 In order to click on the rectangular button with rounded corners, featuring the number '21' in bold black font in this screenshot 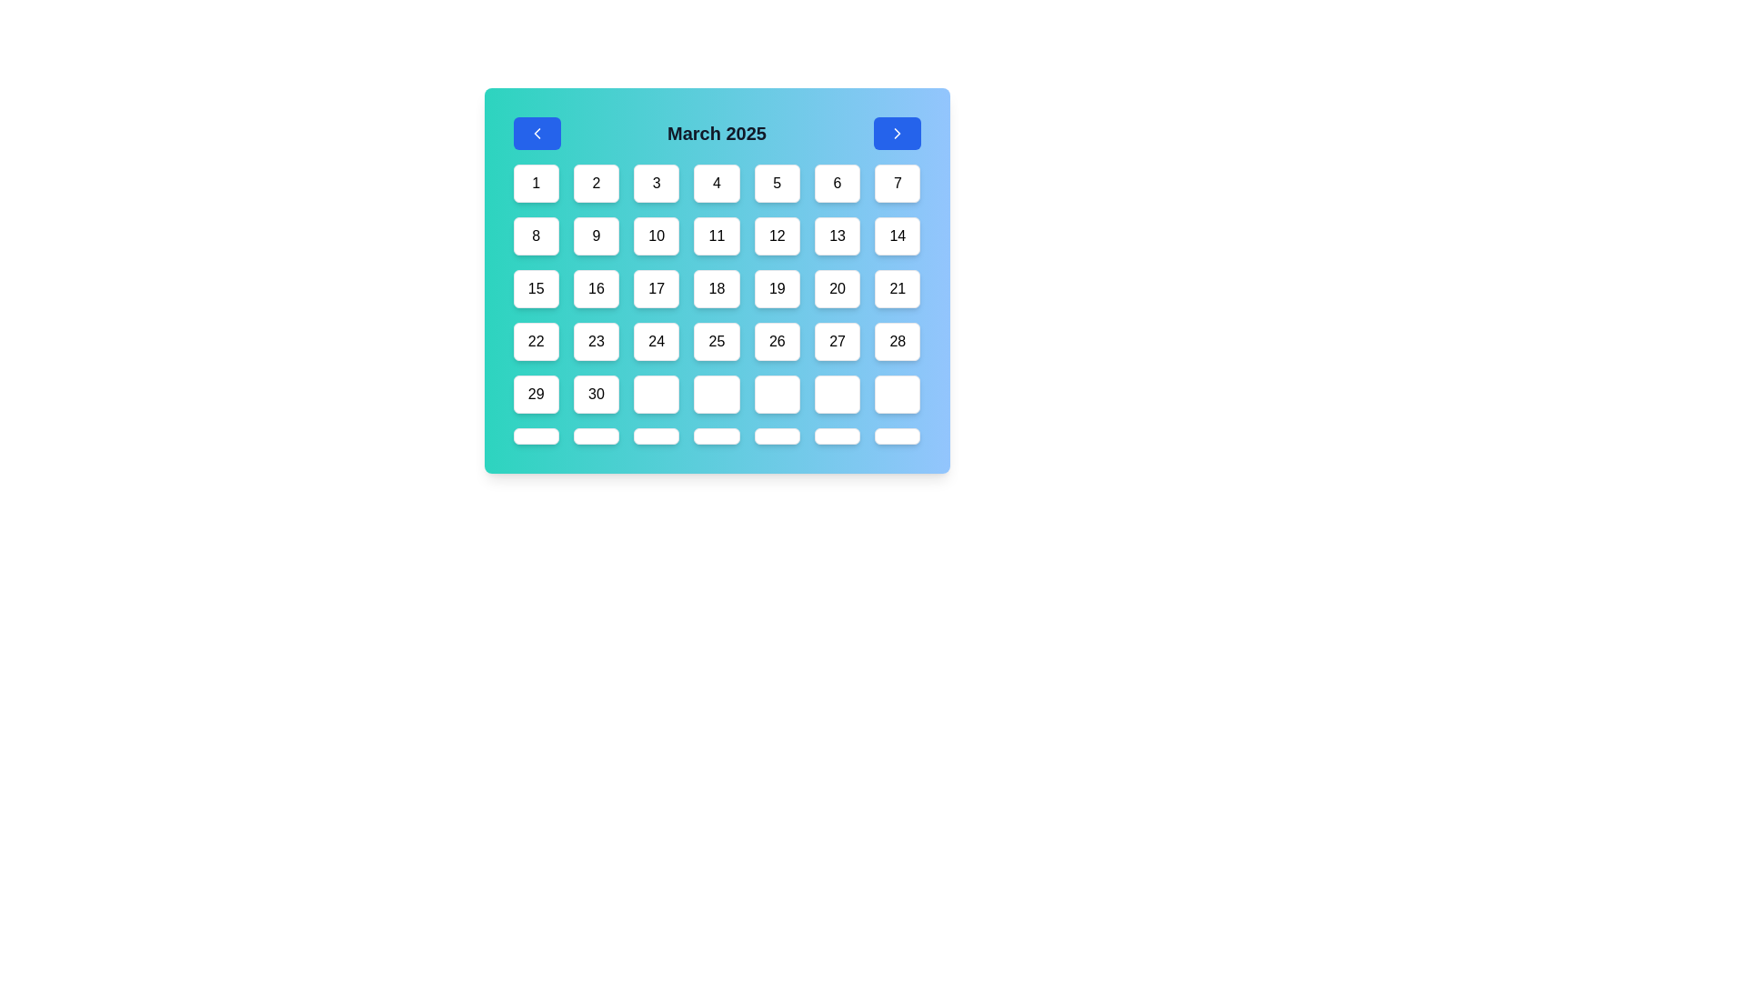, I will do `click(898, 287)`.